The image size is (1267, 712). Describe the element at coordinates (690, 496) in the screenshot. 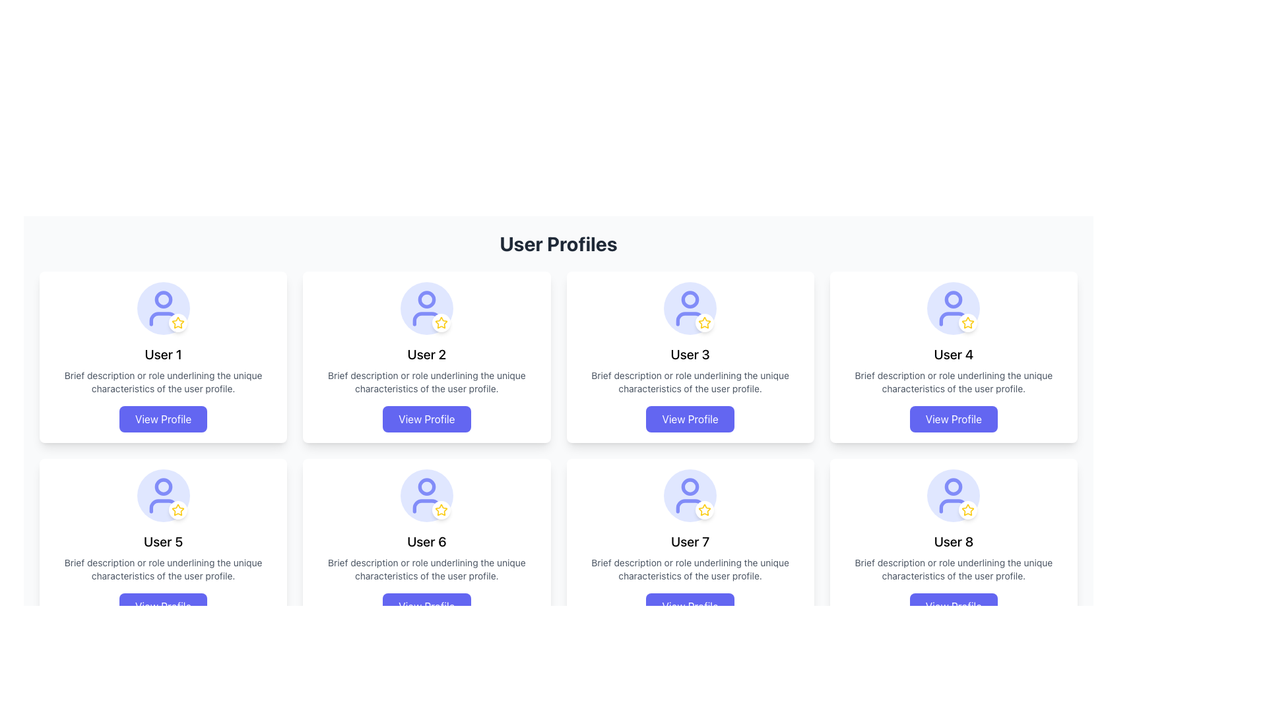

I see `the Profile Avatar Icon with Highlight located in the seventh user card labeled 'User 7', which features a light purple outline of a person, a white background, and an indigo-colored circle with a yellow star in the bottom-right corner` at that location.